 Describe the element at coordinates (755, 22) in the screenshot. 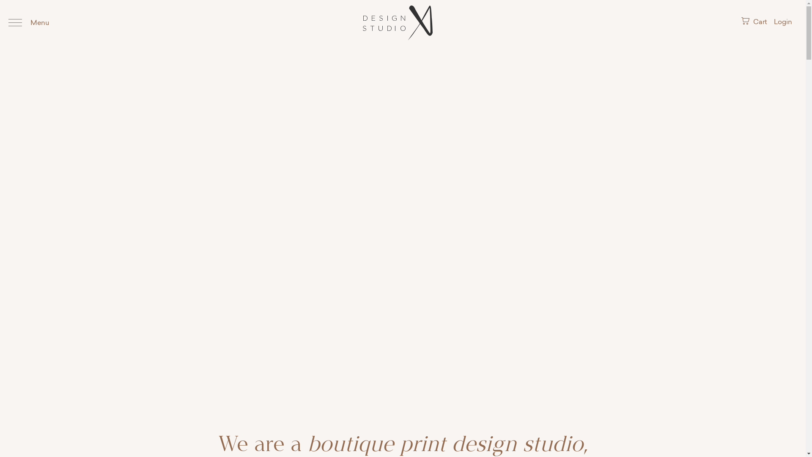

I see `'Cart'` at that location.